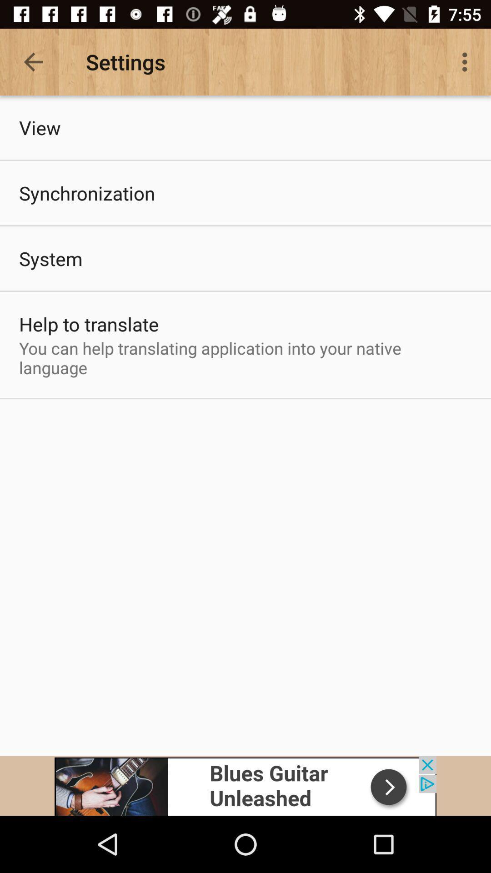 This screenshot has width=491, height=873. I want to click on open advertisement, so click(245, 785).